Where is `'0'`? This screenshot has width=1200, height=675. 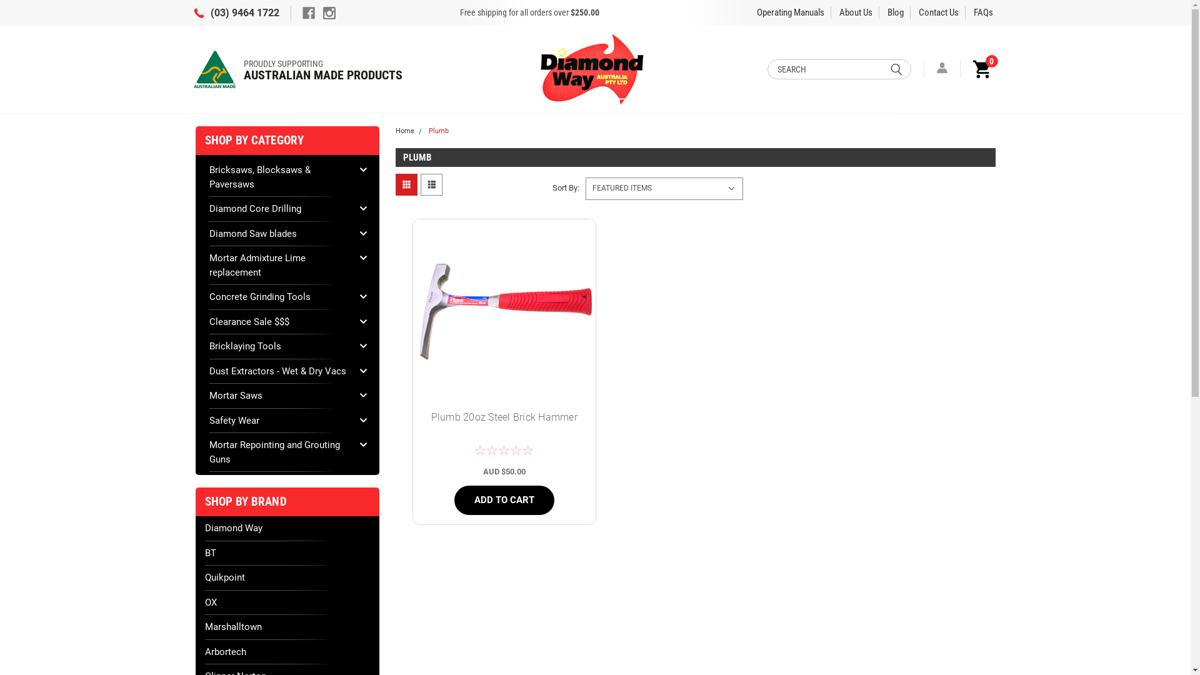
'0' is located at coordinates (979, 68).